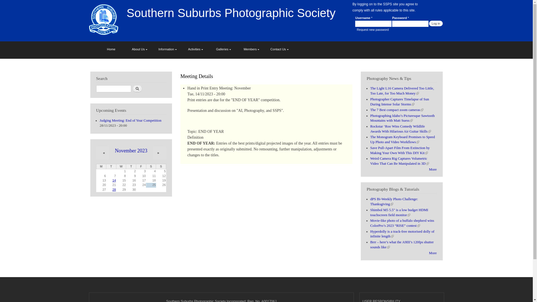  Describe the element at coordinates (131, 150) in the screenshot. I see `'November 2023'` at that location.